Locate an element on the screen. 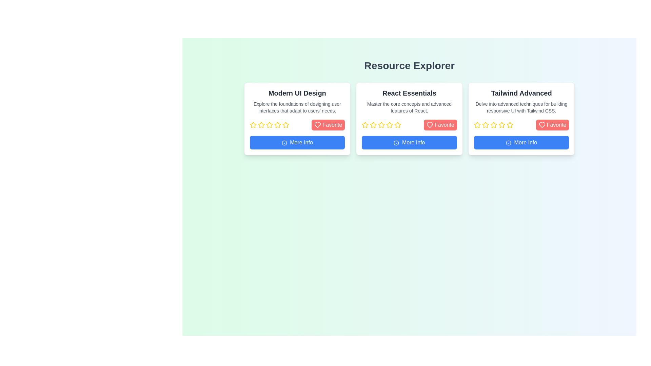 The image size is (651, 366). the text block element that contains the phrase 'Explore the foundations of designing user interfaces that adapt to users' needs.' It is located under the title 'Modern UI Design' and is centrally positioned in the card panel is located at coordinates (297, 107).